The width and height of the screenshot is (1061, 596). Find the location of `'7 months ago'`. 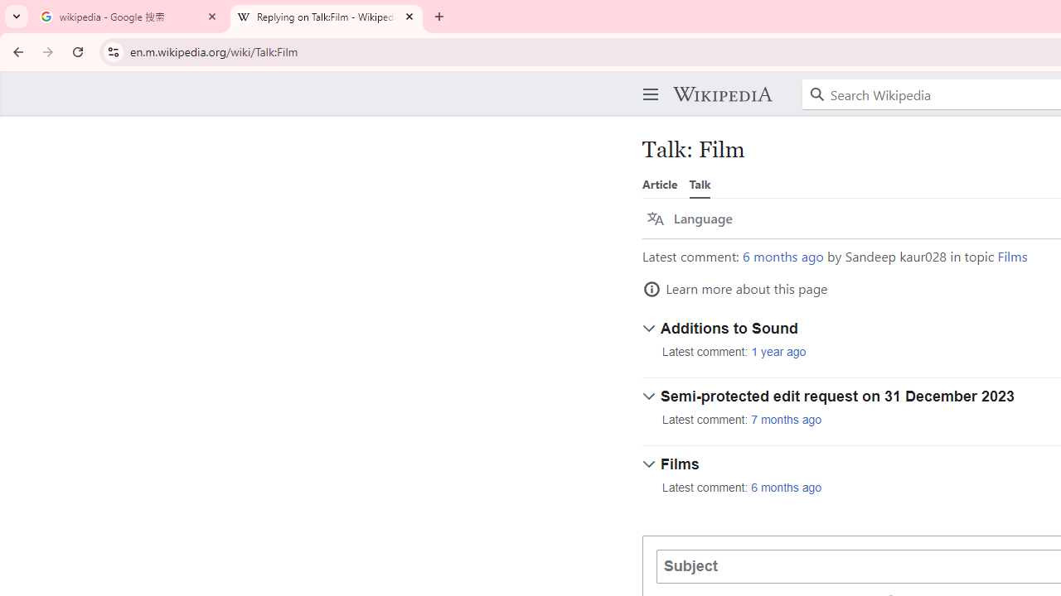

'7 months ago' is located at coordinates (786, 419).